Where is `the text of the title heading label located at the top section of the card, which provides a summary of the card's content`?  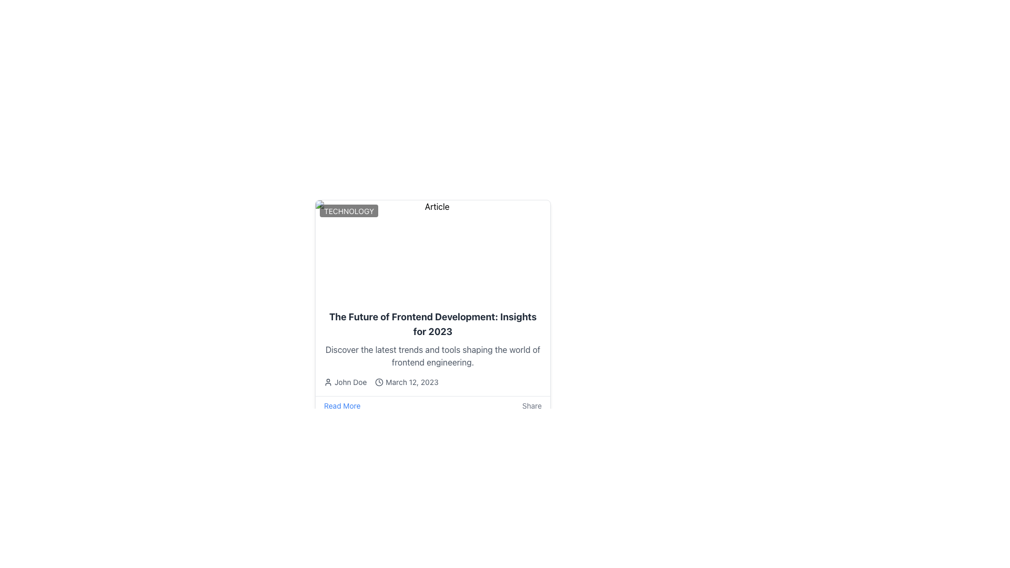 the text of the title heading label located at the top section of the card, which provides a summary of the card's content is located at coordinates (432, 324).